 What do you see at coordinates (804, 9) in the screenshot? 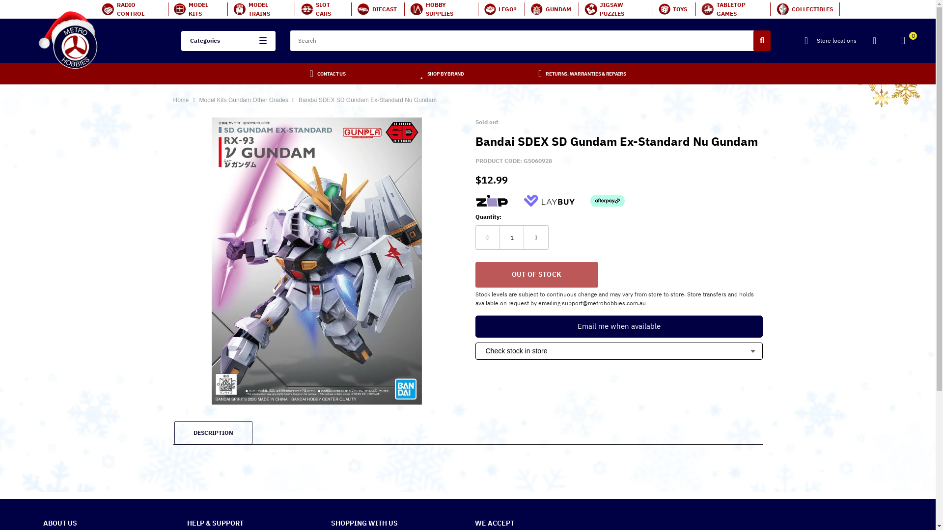
I see `'COLLECTIBLES'` at bounding box center [804, 9].